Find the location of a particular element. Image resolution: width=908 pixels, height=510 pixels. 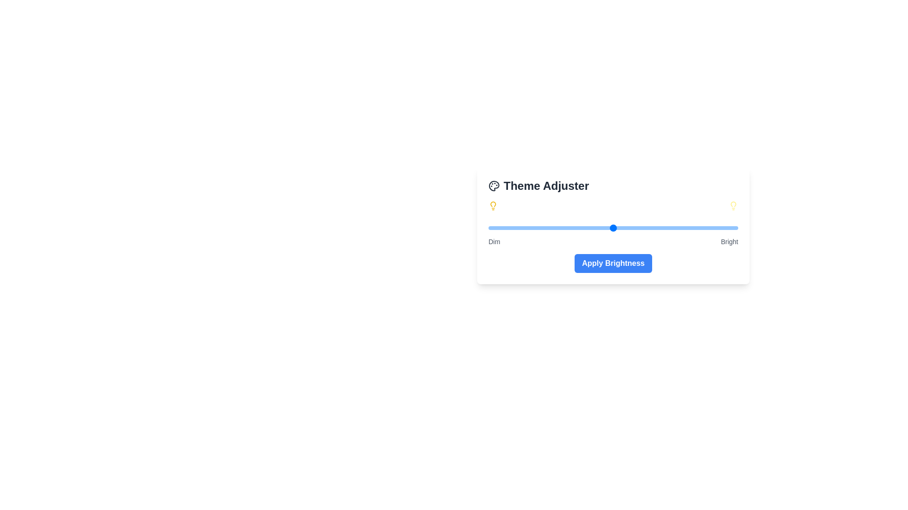

the brightness slider to a specific value 43 is located at coordinates (595, 228).